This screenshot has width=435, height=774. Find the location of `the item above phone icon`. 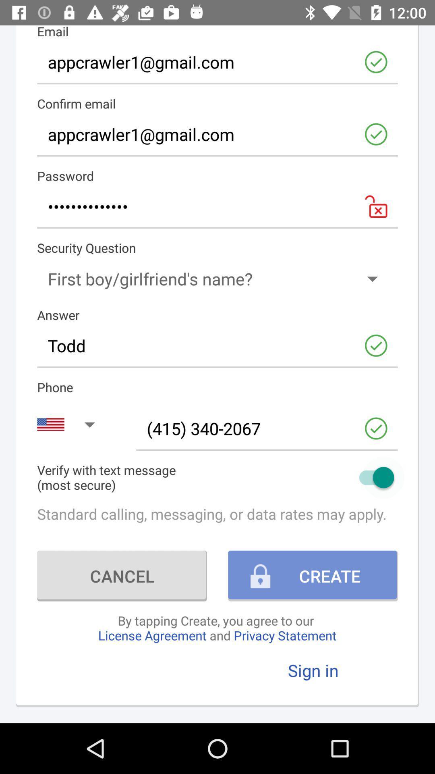

the item above phone icon is located at coordinates (217, 345).